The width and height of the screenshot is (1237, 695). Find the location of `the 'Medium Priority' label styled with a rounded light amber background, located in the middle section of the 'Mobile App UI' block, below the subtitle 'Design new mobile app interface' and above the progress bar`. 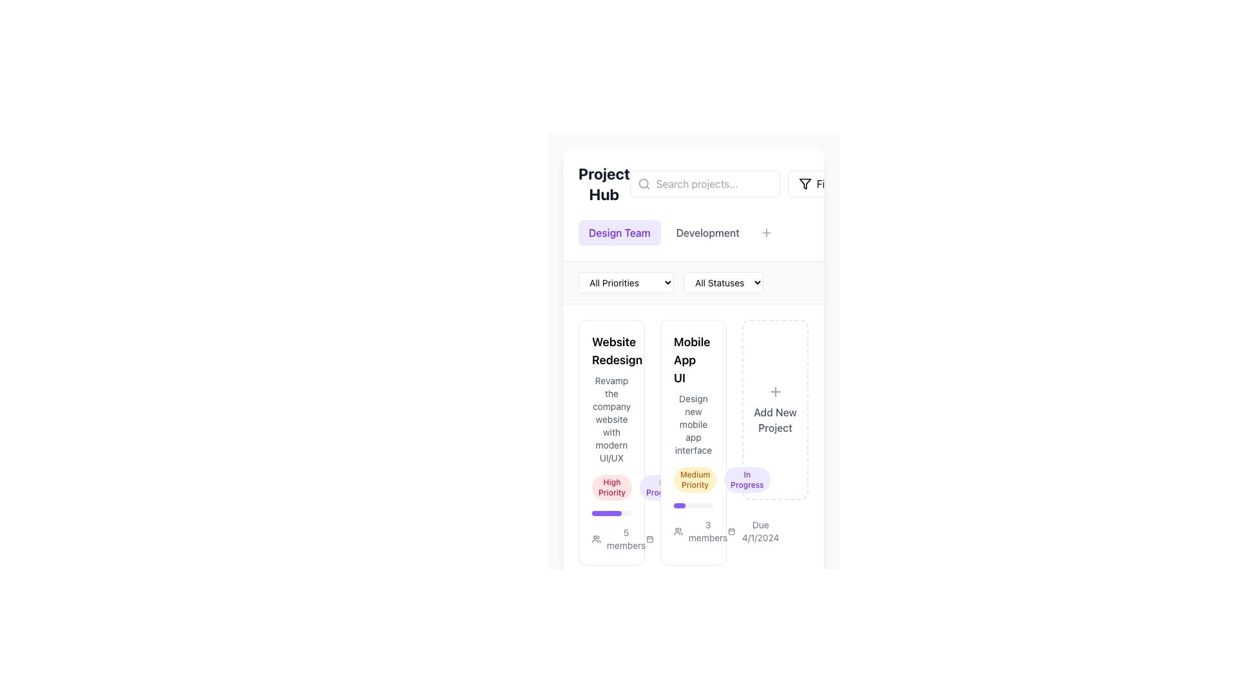

the 'Medium Priority' label styled with a rounded light amber background, located in the middle section of the 'Mobile App UI' block, below the subtitle 'Design new mobile app interface' and above the progress bar is located at coordinates (693, 479).